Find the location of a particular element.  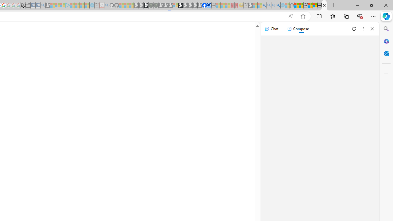

'Bing AI - Search' is located at coordinates (264, 5).